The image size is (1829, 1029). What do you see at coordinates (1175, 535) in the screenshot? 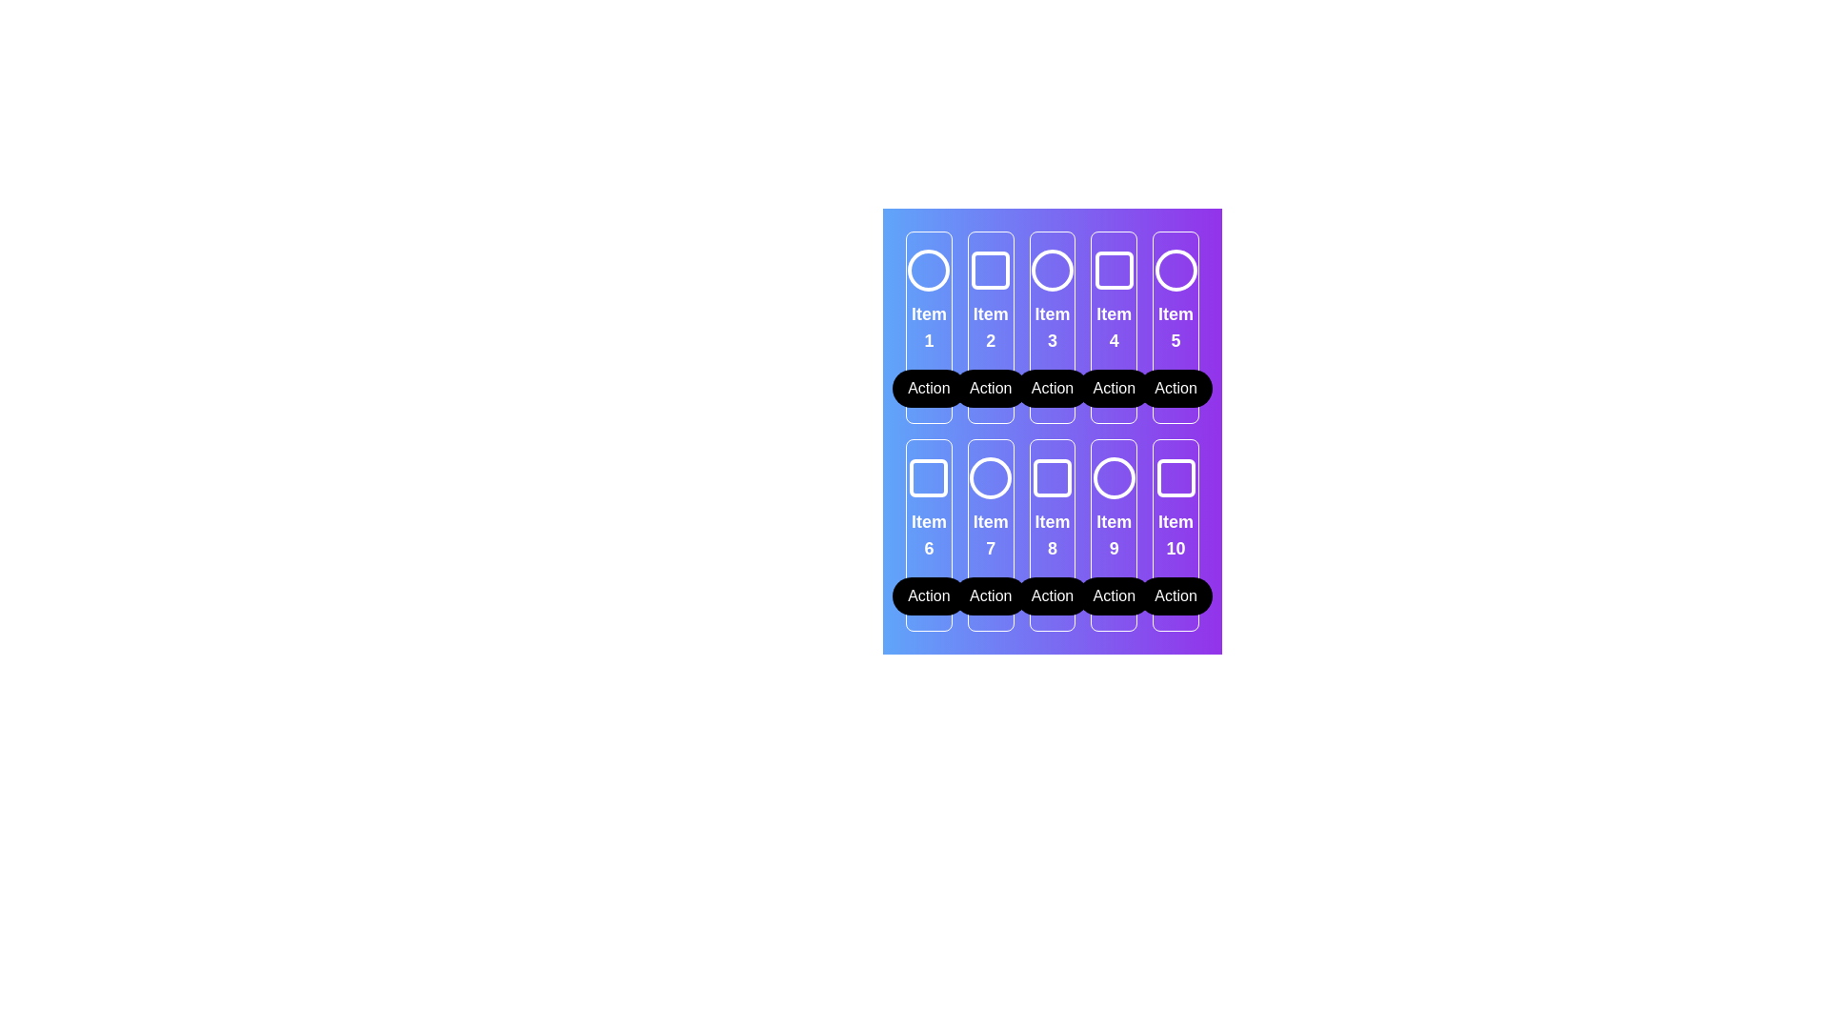
I see `the Text label located in the lower-right cell of a 2x5 grid structure, which is part of a vertically stacked arrangement with an icon and an 'Action' button` at bounding box center [1175, 535].